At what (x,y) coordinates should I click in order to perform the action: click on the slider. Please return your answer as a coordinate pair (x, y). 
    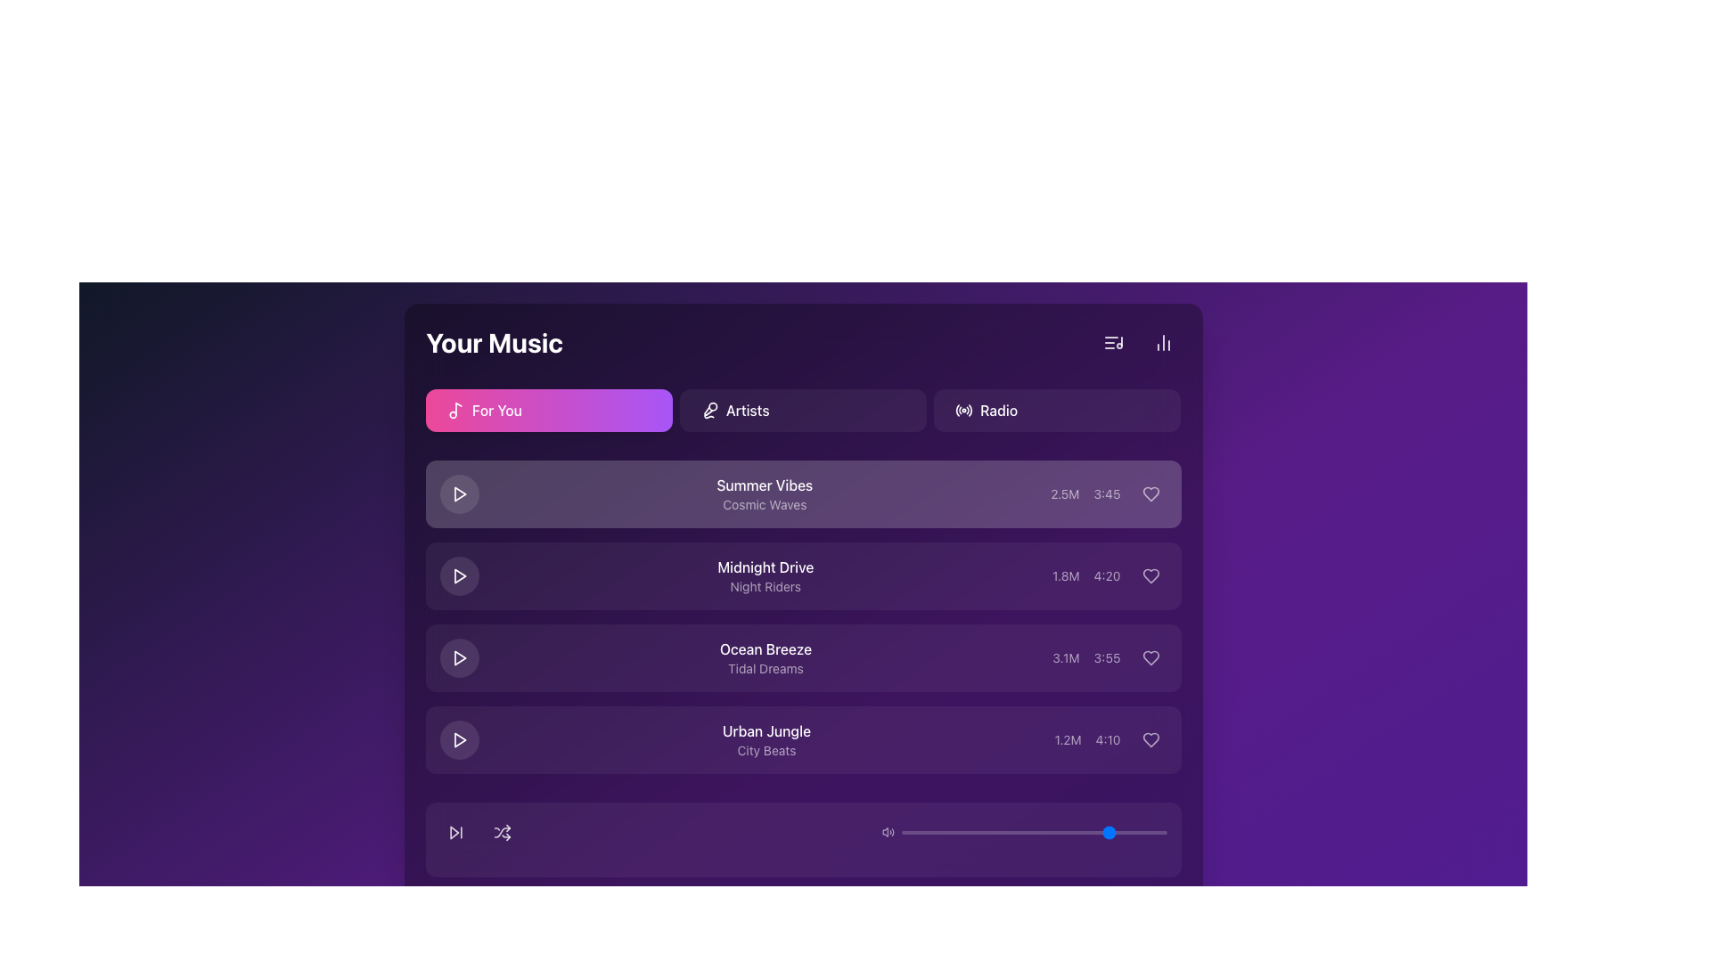
    Looking at the image, I should click on (910, 832).